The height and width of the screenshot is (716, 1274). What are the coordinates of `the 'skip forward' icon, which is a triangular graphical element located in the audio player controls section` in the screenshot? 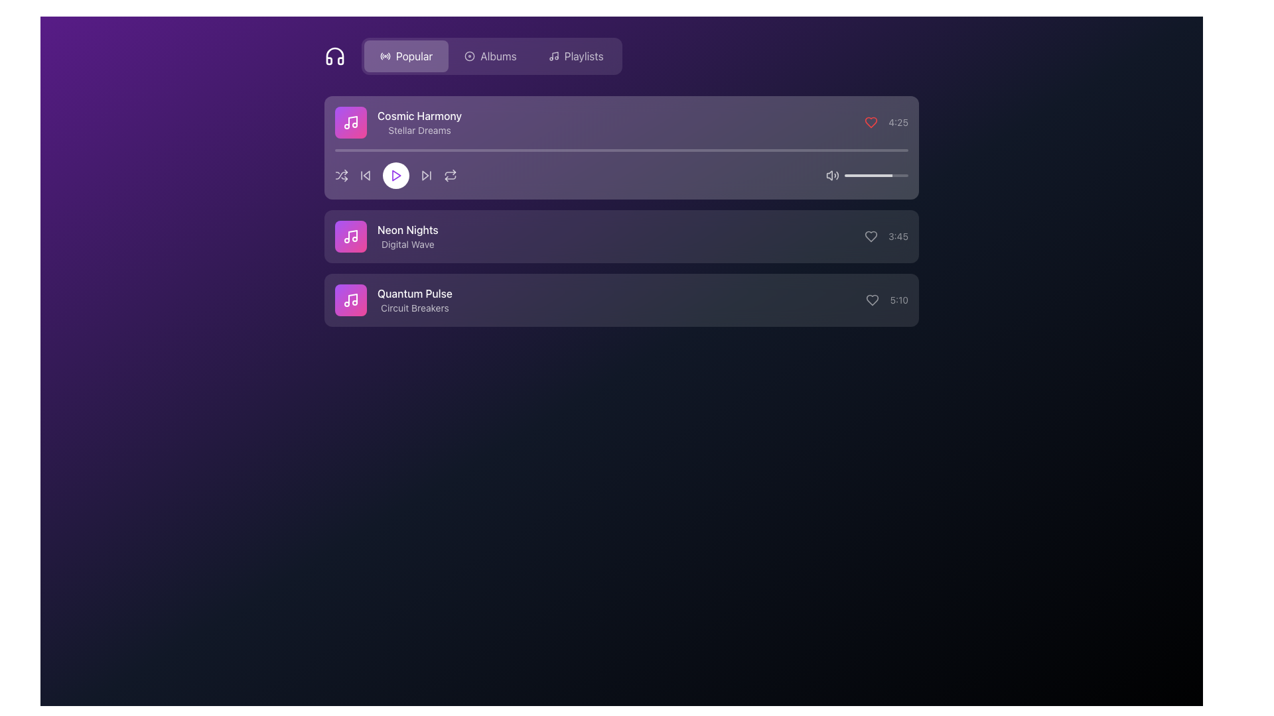 It's located at (425, 175).